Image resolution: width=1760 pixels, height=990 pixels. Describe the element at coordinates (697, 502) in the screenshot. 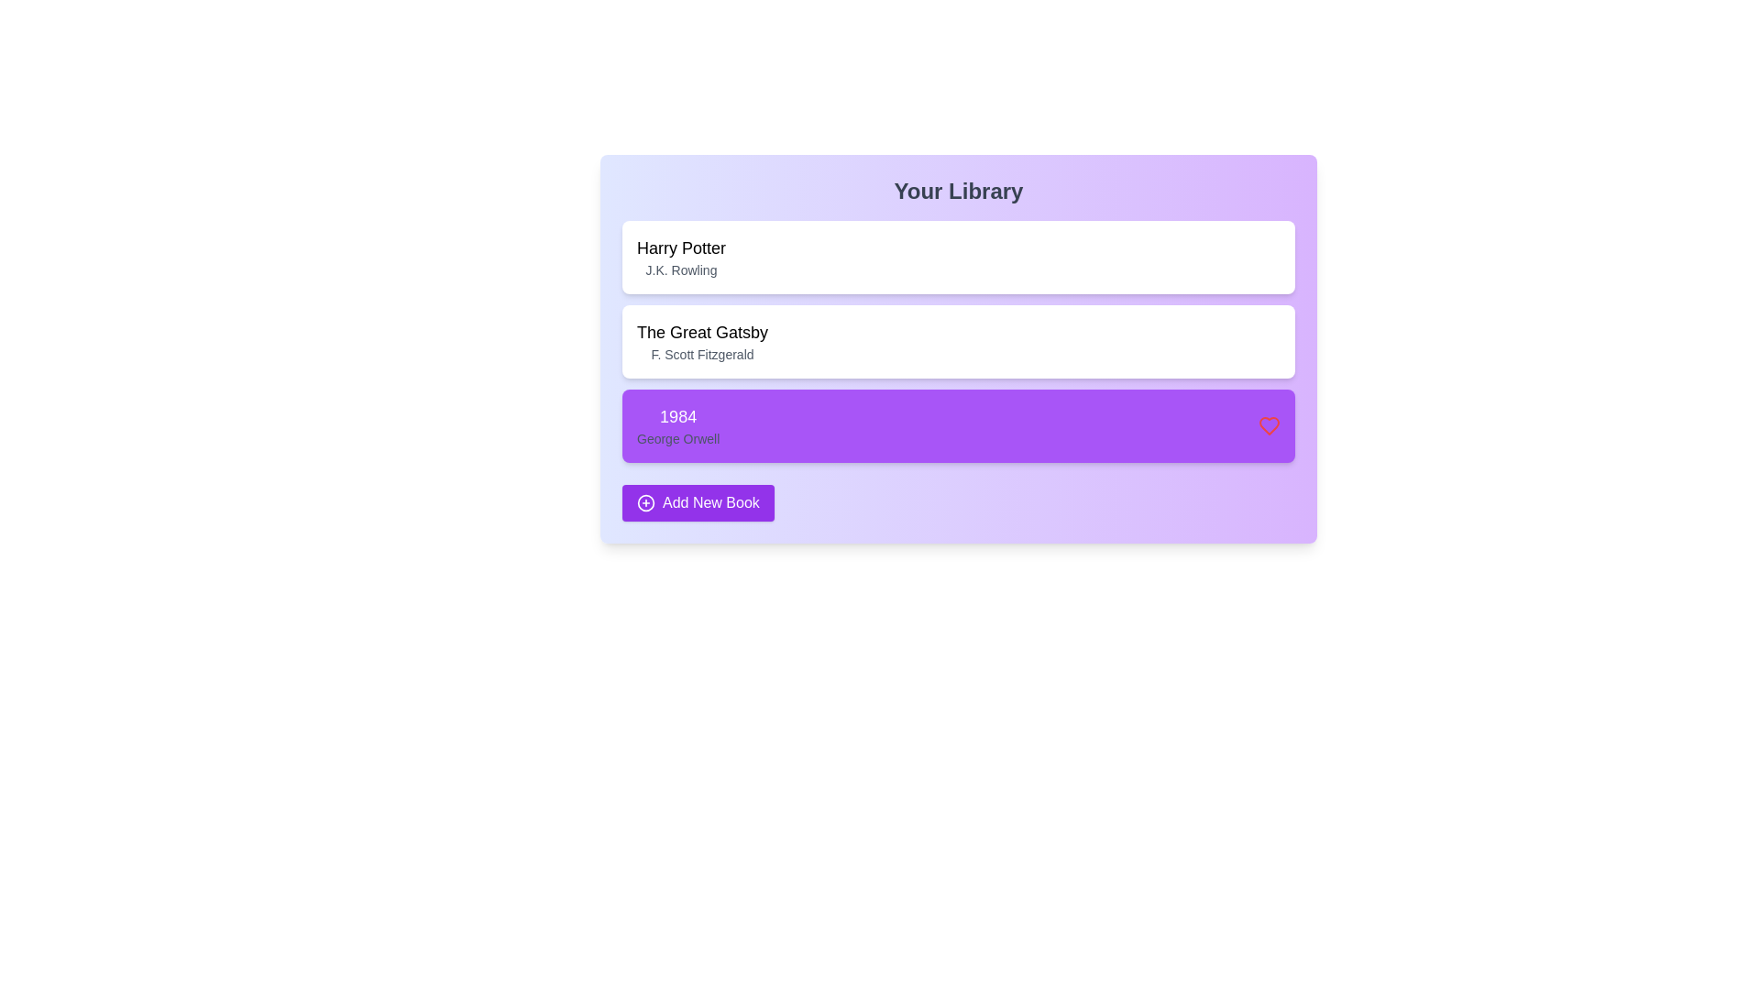

I see `'Add New Book' button to add a new book to the library` at that location.